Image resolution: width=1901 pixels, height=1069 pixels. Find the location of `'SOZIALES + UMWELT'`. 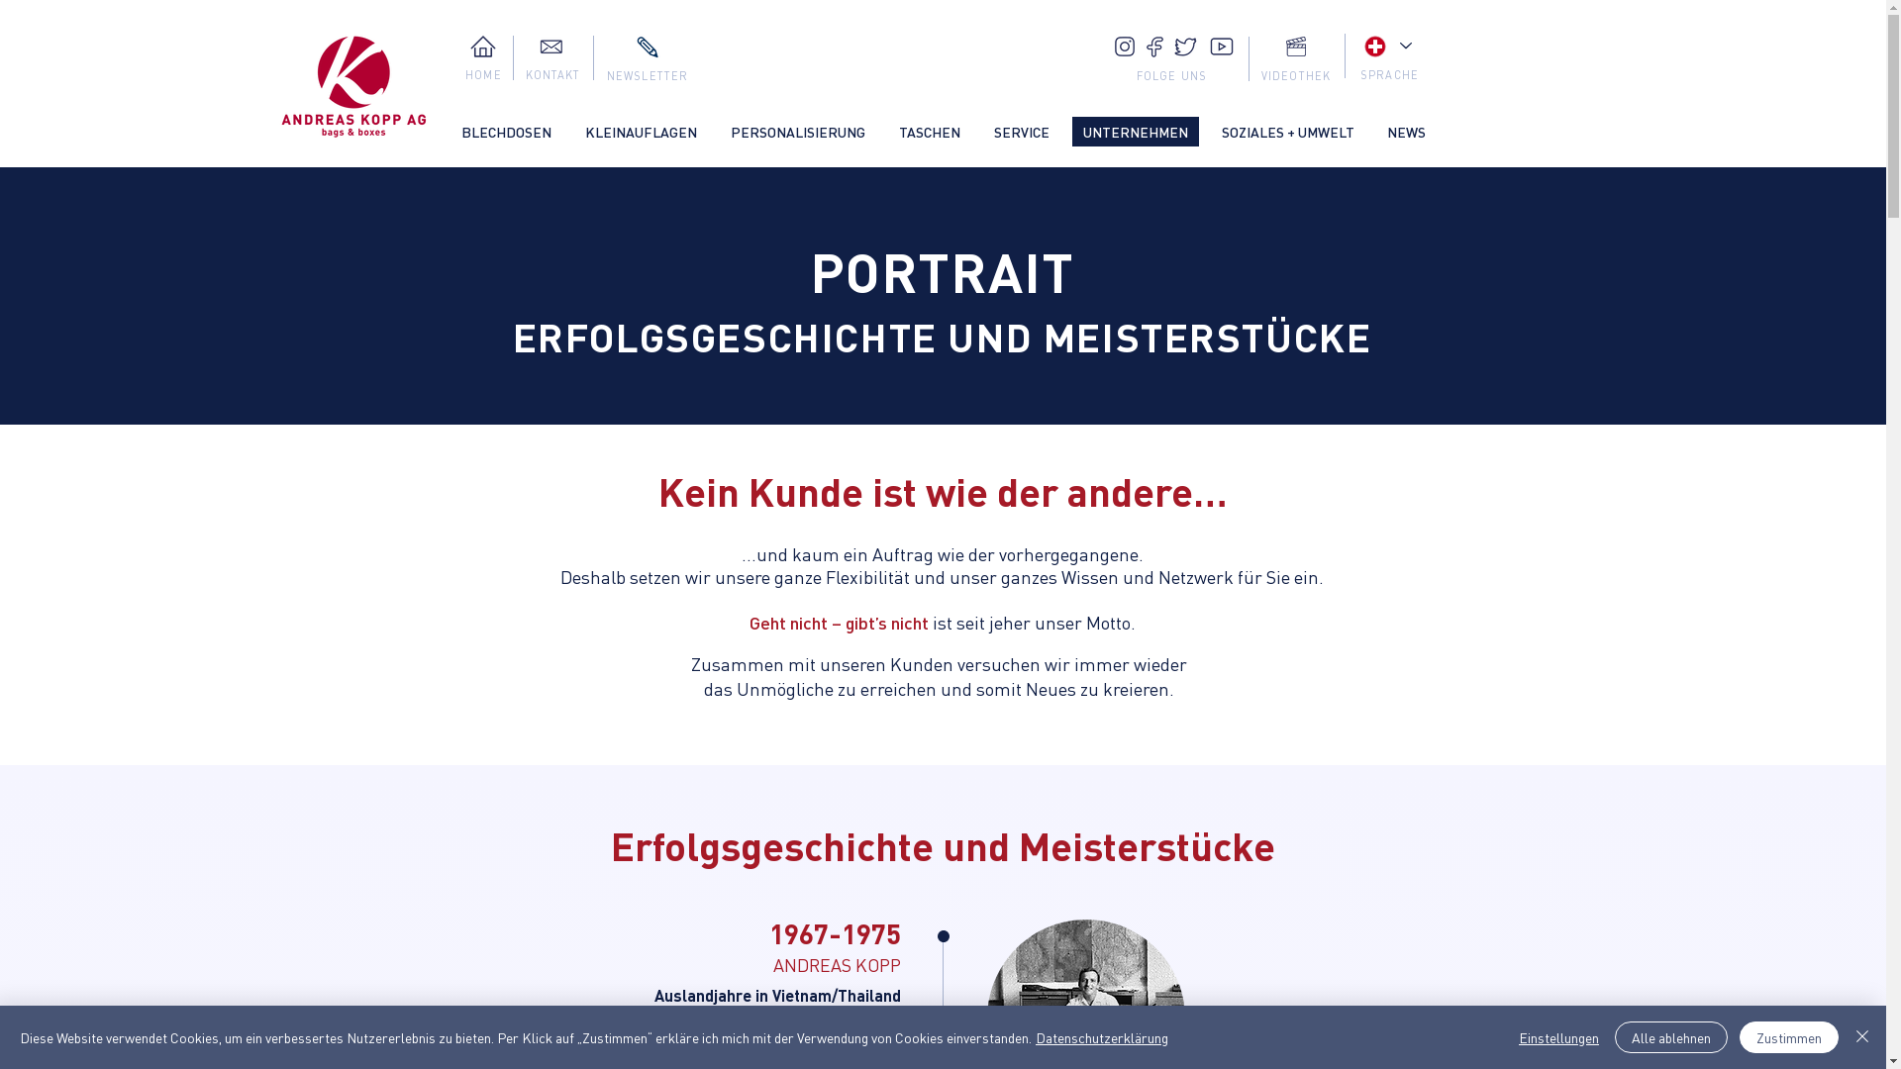

'SOZIALES + UMWELT' is located at coordinates (1287, 131).